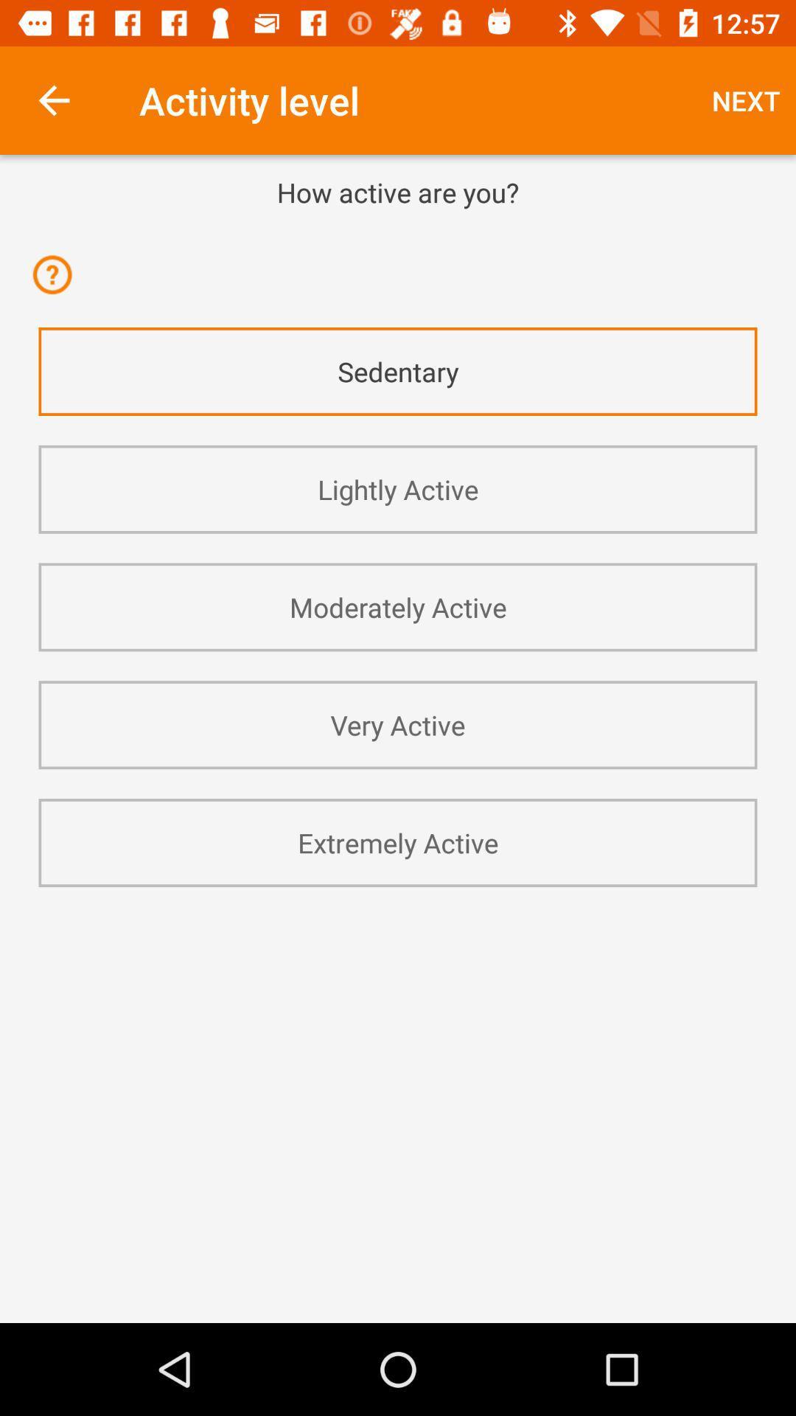 This screenshot has width=796, height=1416. I want to click on the lightly active icon, so click(398, 489).